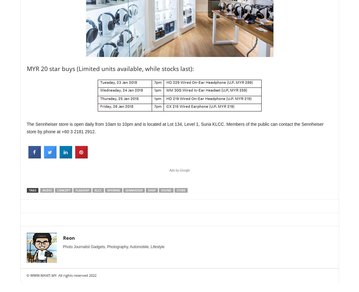  Describe the element at coordinates (26, 275) in the screenshot. I see `'© WWW.MAXIT.MY. All rights reserved 2022'` at that location.